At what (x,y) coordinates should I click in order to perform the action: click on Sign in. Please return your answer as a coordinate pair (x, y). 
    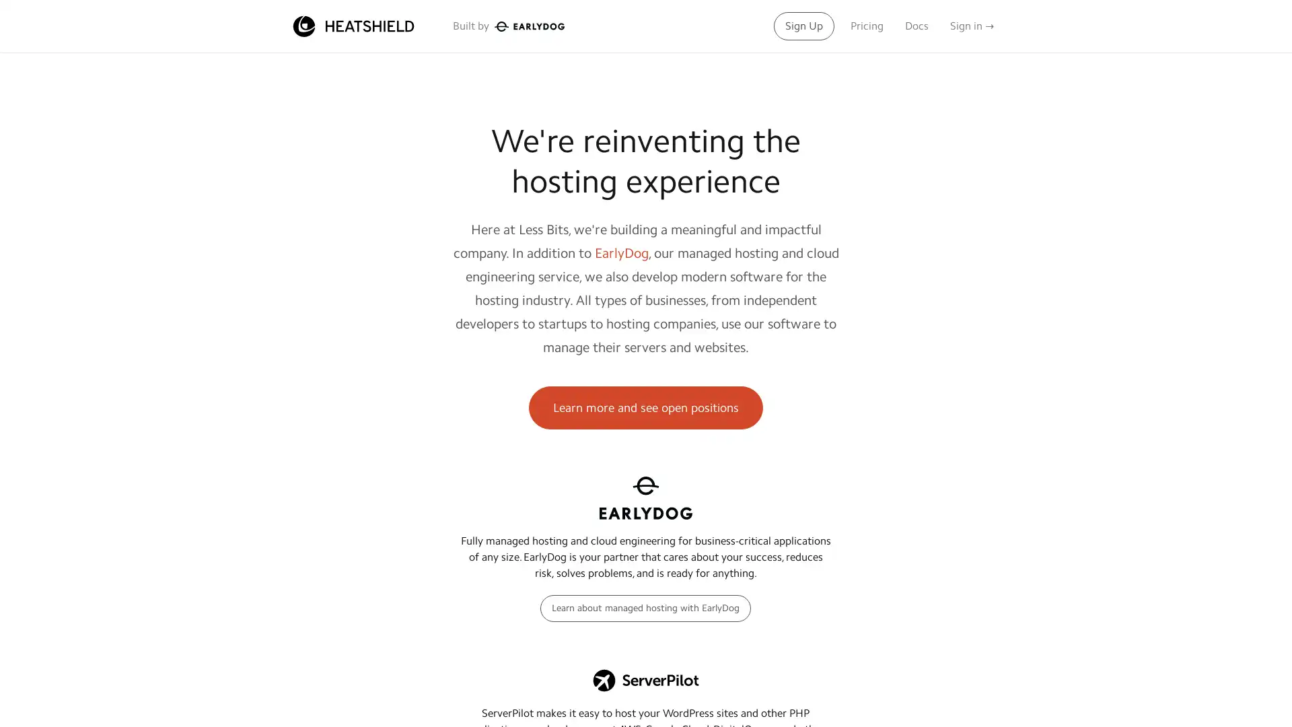
    Looking at the image, I should click on (972, 26).